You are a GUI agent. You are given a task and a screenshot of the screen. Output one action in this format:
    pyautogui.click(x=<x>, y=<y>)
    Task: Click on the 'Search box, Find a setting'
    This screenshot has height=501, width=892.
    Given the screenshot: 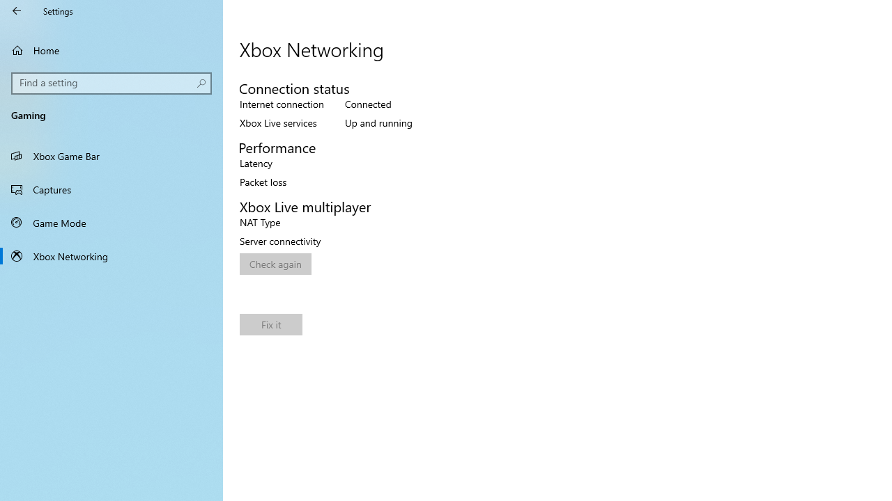 What is the action you would take?
    pyautogui.click(x=111, y=83)
    